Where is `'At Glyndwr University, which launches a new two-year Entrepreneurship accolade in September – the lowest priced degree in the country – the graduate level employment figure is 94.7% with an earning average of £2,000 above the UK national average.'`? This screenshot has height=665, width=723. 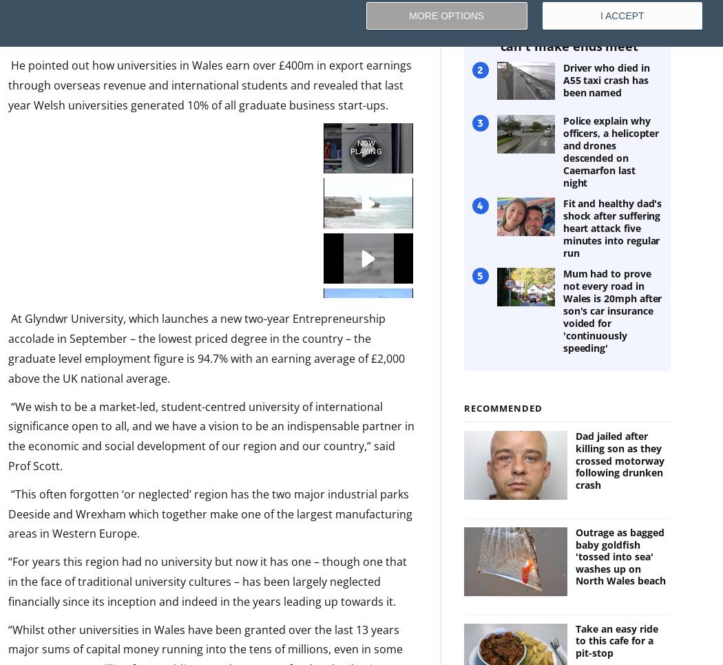 'At Glyndwr University, which launches a new two-year Entrepreneurship accolade in September – the lowest priced degree in the country – the graduate level employment figure is 94.7% with an earning average of £2,000 above the UK national average.' is located at coordinates (205, 347).